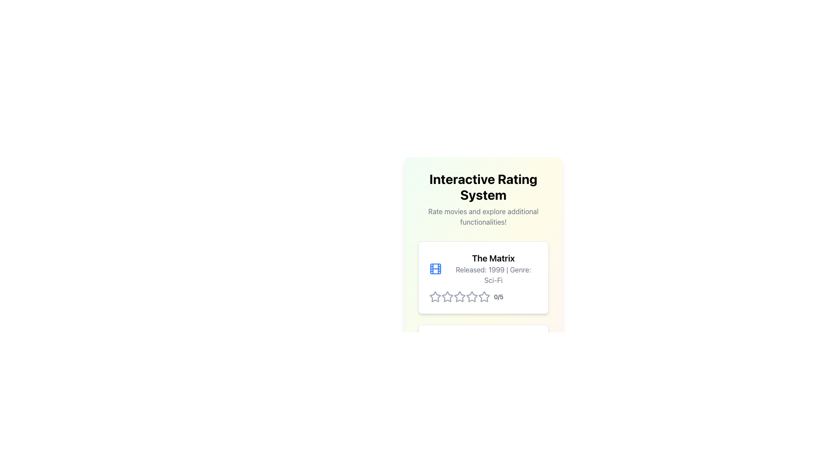 Image resolution: width=840 pixels, height=473 pixels. What do you see at coordinates (484, 296) in the screenshot?
I see `the fourth star icon in the rating system to rate the movie with 4 stars` at bounding box center [484, 296].